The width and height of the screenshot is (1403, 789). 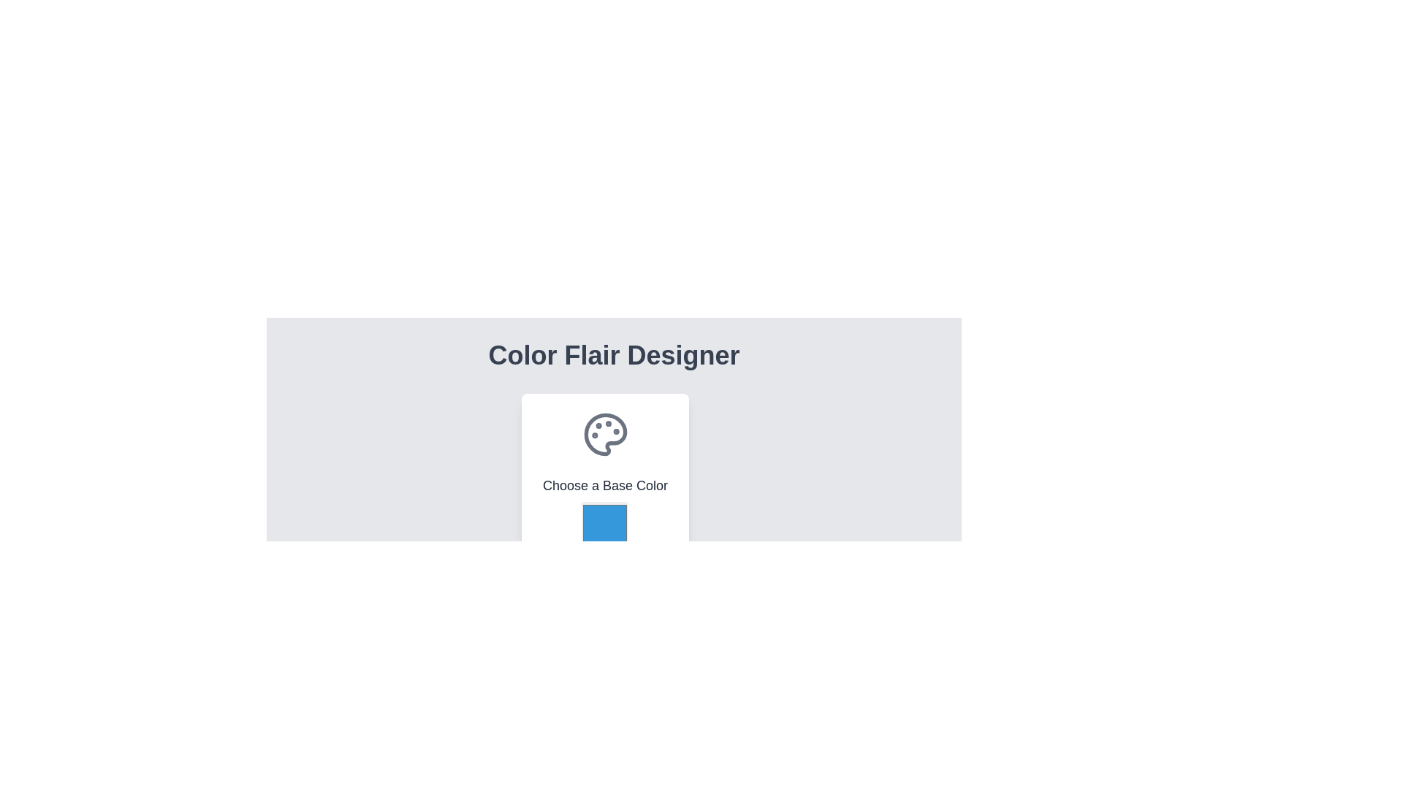 I want to click on the decorative color palette icon located centrally at the top of the card component, which also contains the text 'Choose a Base Color' below it, so click(x=605, y=433).